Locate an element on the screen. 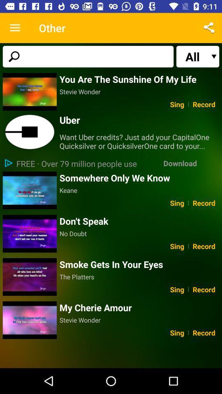 This screenshot has width=222, height=394. the icon to the left of other is located at coordinates (15, 28).